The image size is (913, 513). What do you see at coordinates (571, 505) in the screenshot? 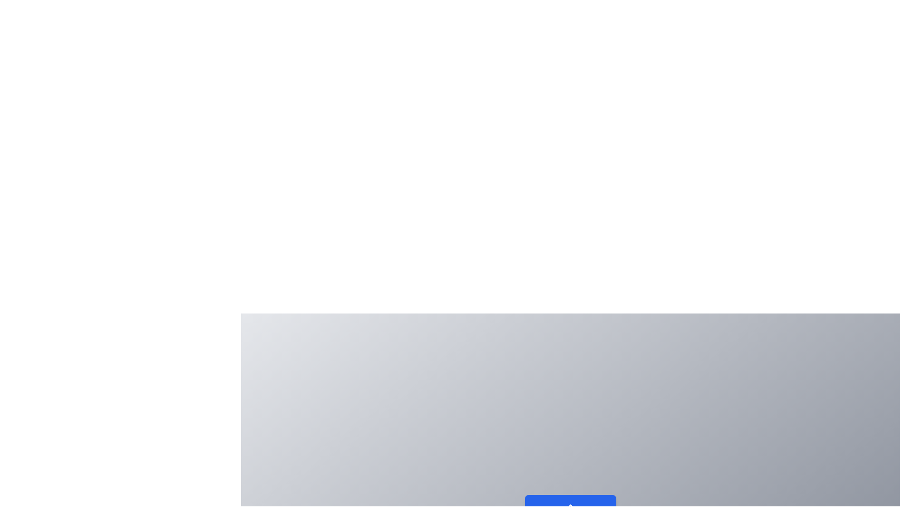
I see `the button containing the 'ChevronUp' icon to collapse the speed dial menu` at bounding box center [571, 505].